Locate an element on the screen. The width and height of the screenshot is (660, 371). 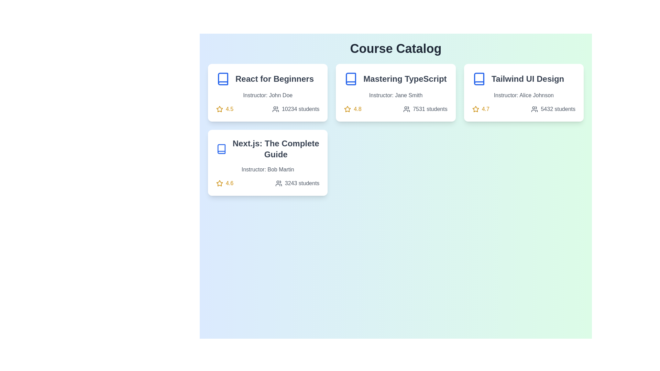
the golden star-shaped icon indicating a rating, located to the left of the rating '4.5' in the 'React for Beginners' card is located at coordinates (219, 109).